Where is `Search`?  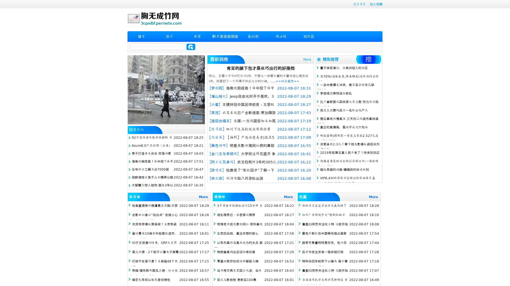 Search is located at coordinates (191, 47).